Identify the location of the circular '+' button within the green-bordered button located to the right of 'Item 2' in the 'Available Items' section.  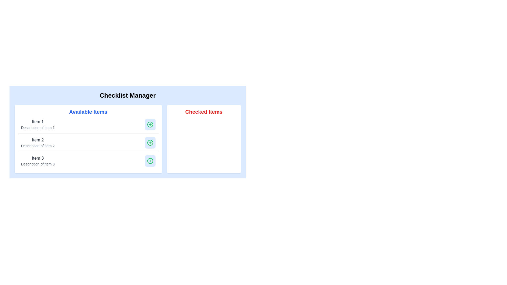
(150, 142).